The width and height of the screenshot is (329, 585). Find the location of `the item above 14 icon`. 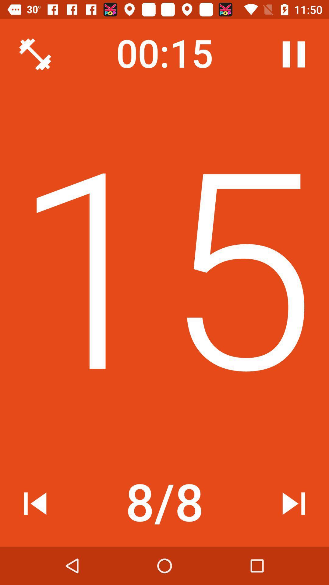

the item above 14 icon is located at coordinates (293, 54).